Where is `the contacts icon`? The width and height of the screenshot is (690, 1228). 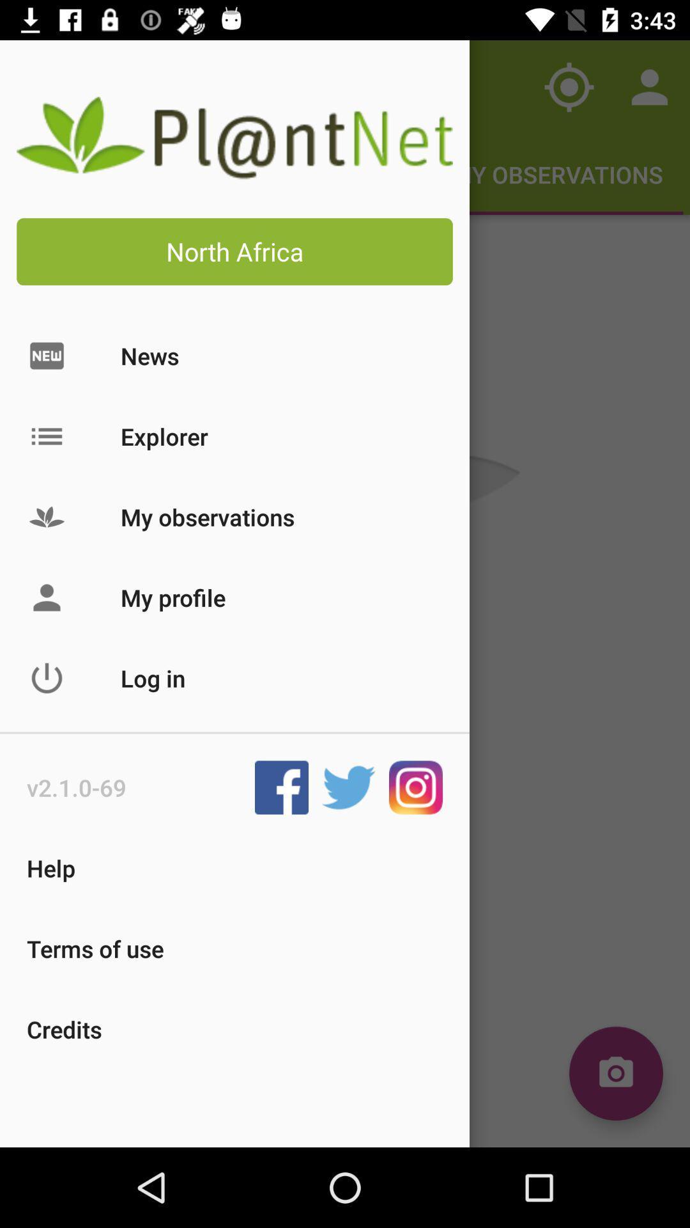
the contacts icon is located at coordinates (650, 87).